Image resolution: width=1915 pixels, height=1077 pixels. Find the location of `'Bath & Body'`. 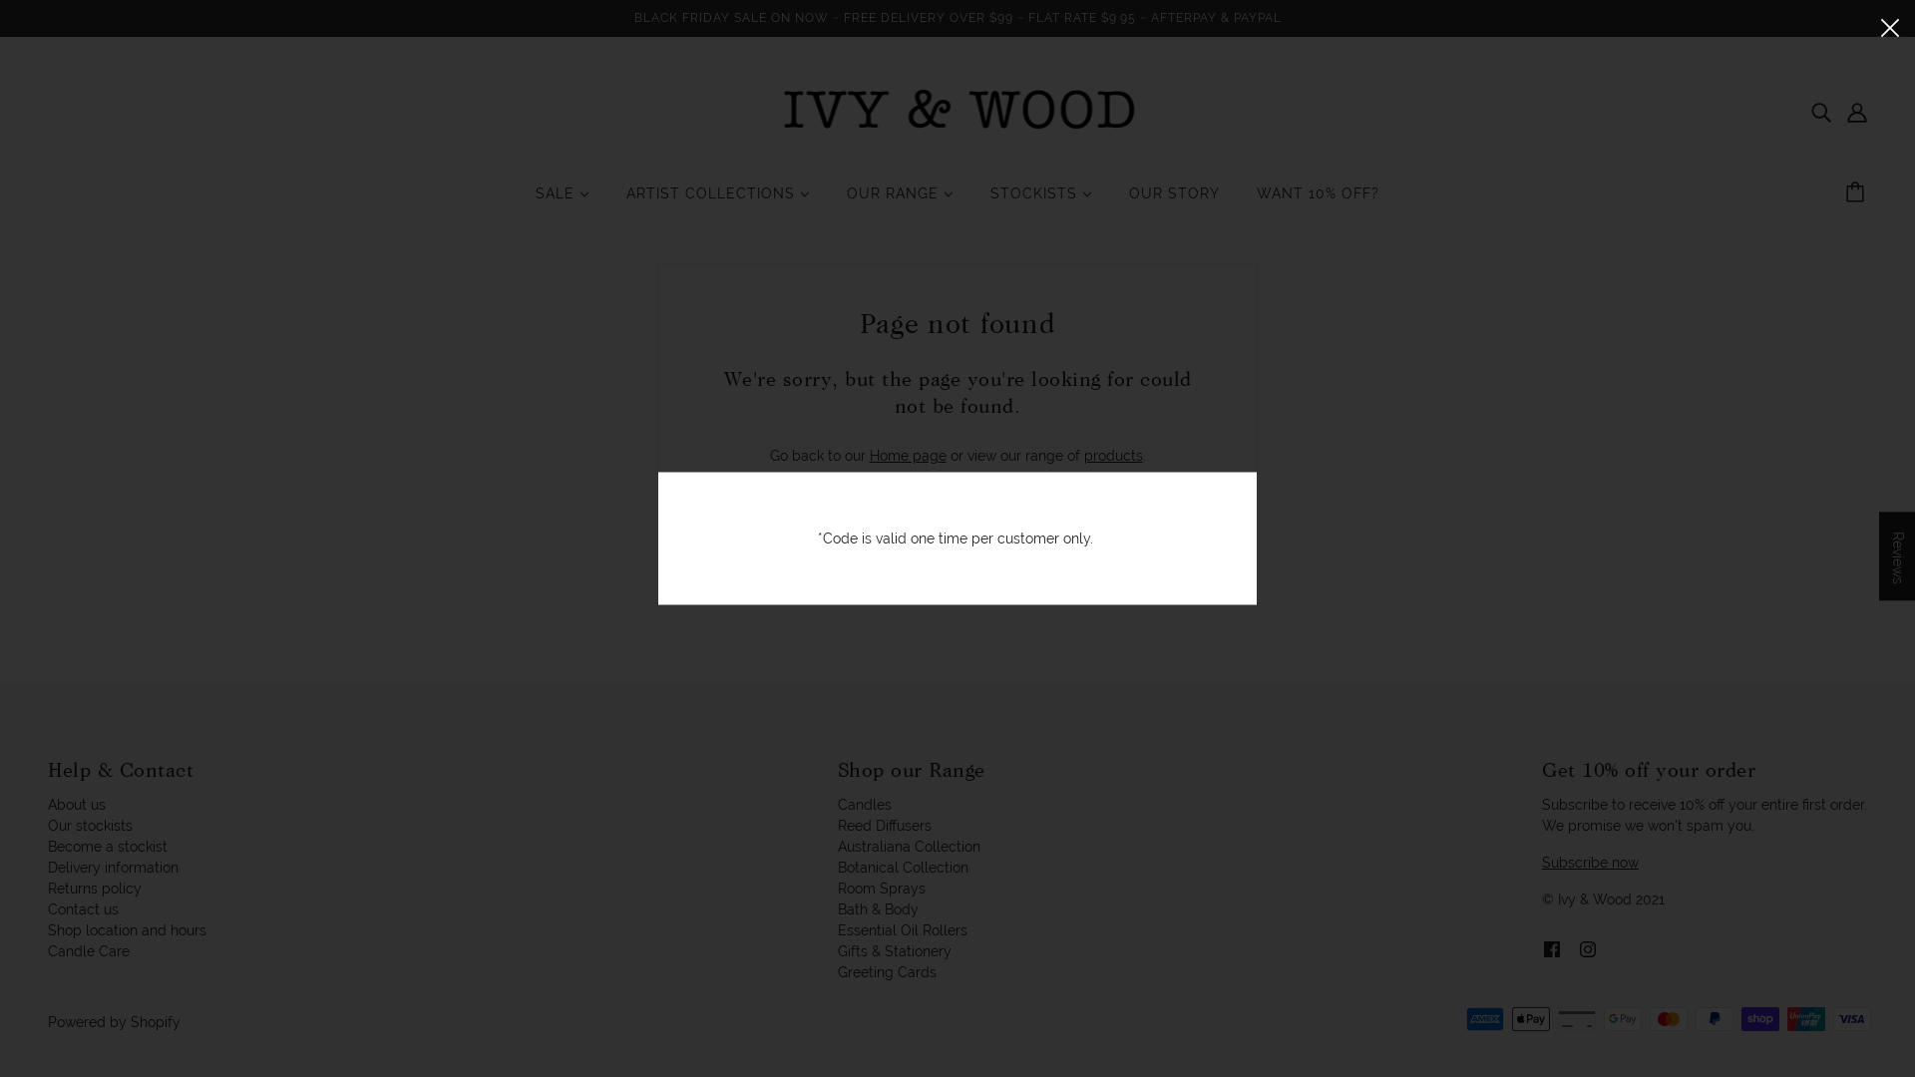

'Bath & Body' is located at coordinates (878, 908).